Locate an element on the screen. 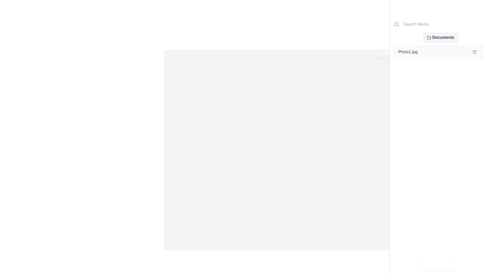  the folder icon located to the immediate left of the 'Documents' label on the right side of the interface is located at coordinates (429, 37).